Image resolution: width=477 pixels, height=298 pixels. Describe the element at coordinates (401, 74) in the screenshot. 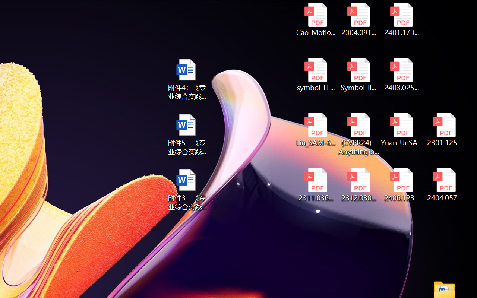

I see `'2403.02502v1.pdf'` at that location.